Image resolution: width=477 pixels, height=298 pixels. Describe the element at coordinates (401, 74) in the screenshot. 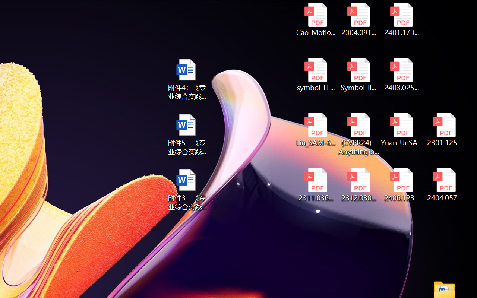

I see `'2403.02502v1.pdf'` at that location.